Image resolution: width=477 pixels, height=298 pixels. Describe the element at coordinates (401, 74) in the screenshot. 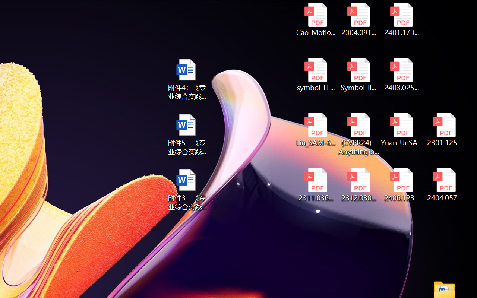

I see `'2403.02502v1.pdf'` at that location.